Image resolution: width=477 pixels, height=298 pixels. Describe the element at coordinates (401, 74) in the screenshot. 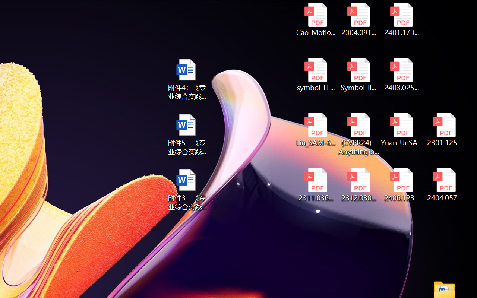

I see `'2403.02502v1.pdf'` at that location.